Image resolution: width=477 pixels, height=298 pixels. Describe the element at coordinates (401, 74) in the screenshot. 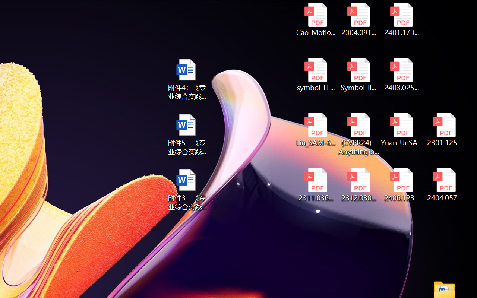

I see `'2403.02502v1.pdf'` at that location.